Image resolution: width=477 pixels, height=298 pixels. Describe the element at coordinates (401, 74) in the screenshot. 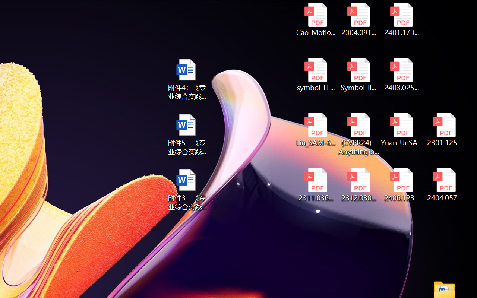

I see `'2403.02502v1.pdf'` at that location.